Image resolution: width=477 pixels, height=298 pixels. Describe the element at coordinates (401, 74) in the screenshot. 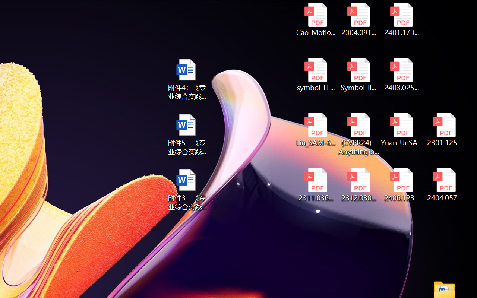

I see `'2403.02502v1.pdf'` at that location.